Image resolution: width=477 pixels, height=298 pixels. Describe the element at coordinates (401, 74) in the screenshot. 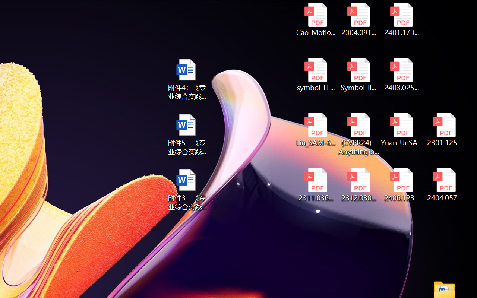

I see `'2403.02502v1.pdf'` at that location.